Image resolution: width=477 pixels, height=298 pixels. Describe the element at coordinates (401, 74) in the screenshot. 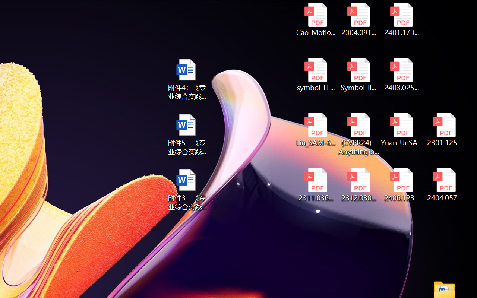

I see `'2403.02502v1.pdf'` at that location.